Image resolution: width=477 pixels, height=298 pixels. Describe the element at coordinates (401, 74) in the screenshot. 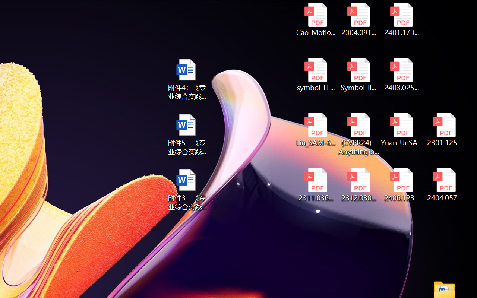

I see `'2403.02502v1.pdf'` at that location.